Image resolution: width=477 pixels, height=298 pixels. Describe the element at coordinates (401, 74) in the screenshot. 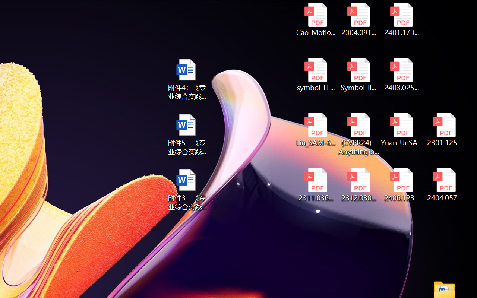

I see `'2403.02502v1.pdf'` at that location.